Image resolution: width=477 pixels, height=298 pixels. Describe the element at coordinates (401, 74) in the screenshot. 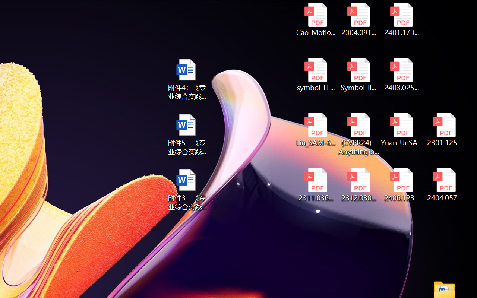

I see `'2403.02502v1.pdf'` at that location.